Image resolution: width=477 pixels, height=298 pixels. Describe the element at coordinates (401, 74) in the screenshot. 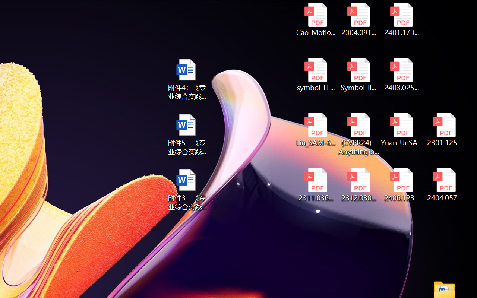

I see `'2403.02502v1.pdf'` at that location.